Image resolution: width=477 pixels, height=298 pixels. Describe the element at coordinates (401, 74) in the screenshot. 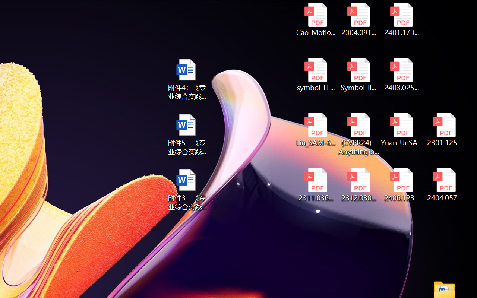

I see `'2403.02502v1.pdf'` at that location.